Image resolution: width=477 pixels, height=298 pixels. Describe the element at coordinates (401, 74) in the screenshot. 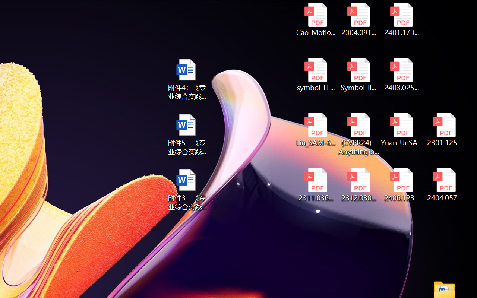

I see `'2403.02502v1.pdf'` at that location.